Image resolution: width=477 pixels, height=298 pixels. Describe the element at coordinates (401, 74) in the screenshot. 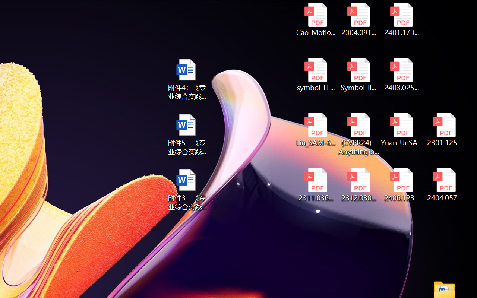

I see `'2403.02502v1.pdf'` at that location.